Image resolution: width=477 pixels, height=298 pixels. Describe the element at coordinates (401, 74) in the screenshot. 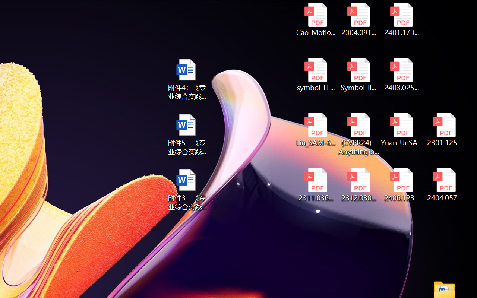

I see `'2403.02502v1.pdf'` at that location.